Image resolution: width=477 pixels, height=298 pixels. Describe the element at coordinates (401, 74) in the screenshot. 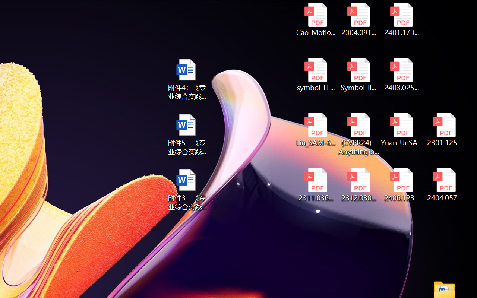

I see `'2403.02502v1.pdf'` at that location.